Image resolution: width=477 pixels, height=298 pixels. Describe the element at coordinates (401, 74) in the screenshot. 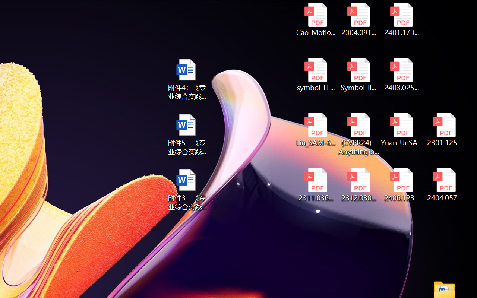

I see `'2403.02502v1.pdf'` at that location.